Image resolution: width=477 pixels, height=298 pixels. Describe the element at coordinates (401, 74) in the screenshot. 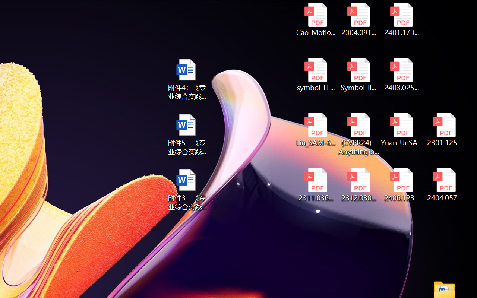

I see `'2403.02502v1.pdf'` at that location.